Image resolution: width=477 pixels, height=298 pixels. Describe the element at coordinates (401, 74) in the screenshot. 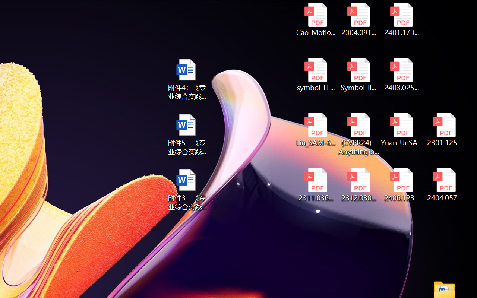

I see `'2403.02502v1.pdf'` at that location.